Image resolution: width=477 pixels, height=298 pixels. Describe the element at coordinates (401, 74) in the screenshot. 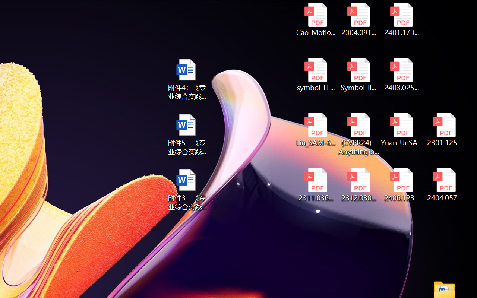

I see `'2403.02502v1.pdf'` at that location.